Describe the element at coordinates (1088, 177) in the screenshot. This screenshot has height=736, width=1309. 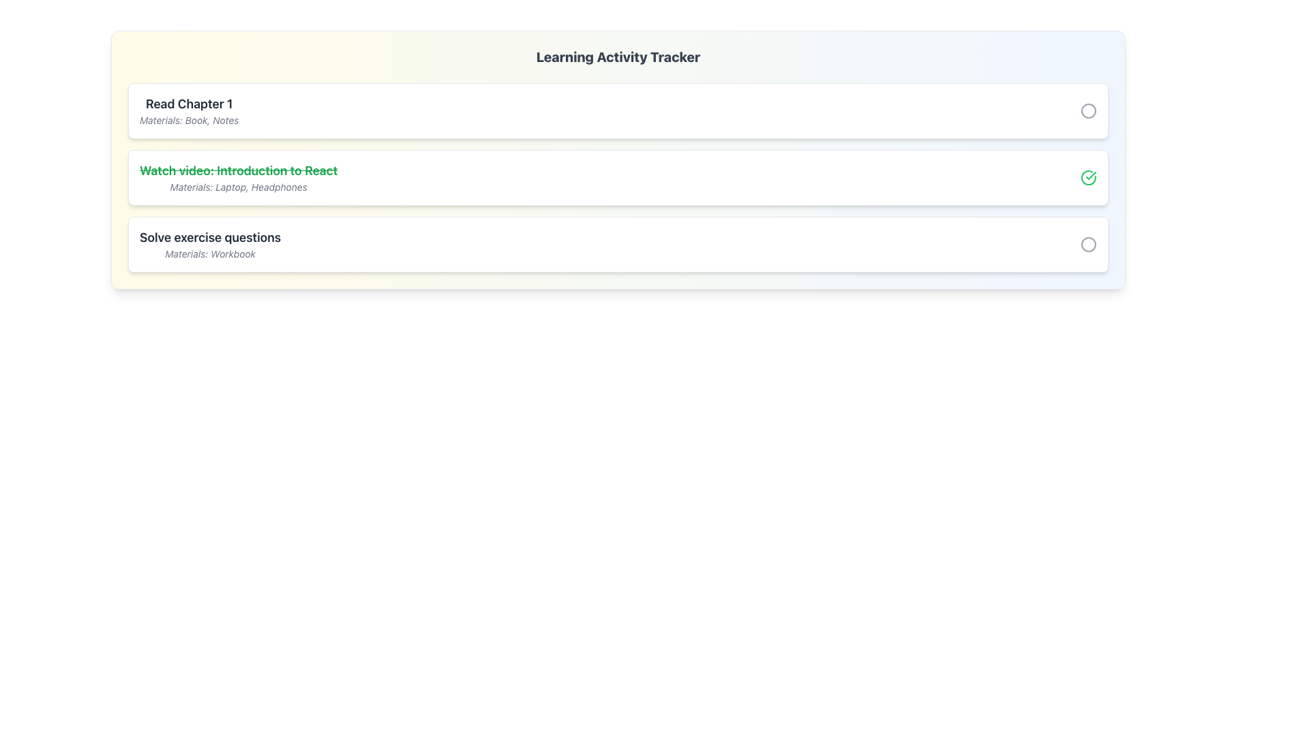
I see `the status indicator icon located on the right side of the second list item in the vertical stack, which visually indicates the completion or successful status of an associated task` at that location.